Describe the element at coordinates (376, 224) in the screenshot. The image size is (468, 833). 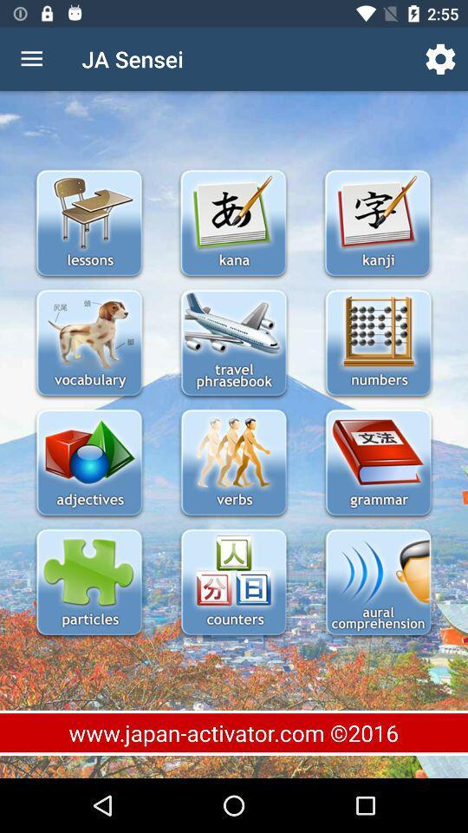
I see `press button for kanji` at that location.